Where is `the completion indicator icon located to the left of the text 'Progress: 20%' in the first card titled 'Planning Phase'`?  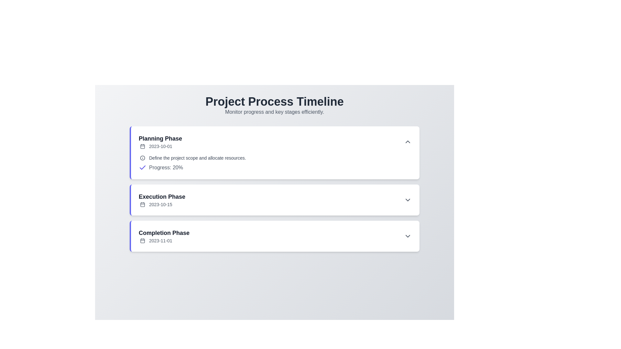 the completion indicator icon located to the left of the text 'Progress: 20%' in the first card titled 'Planning Phase' is located at coordinates (142, 167).